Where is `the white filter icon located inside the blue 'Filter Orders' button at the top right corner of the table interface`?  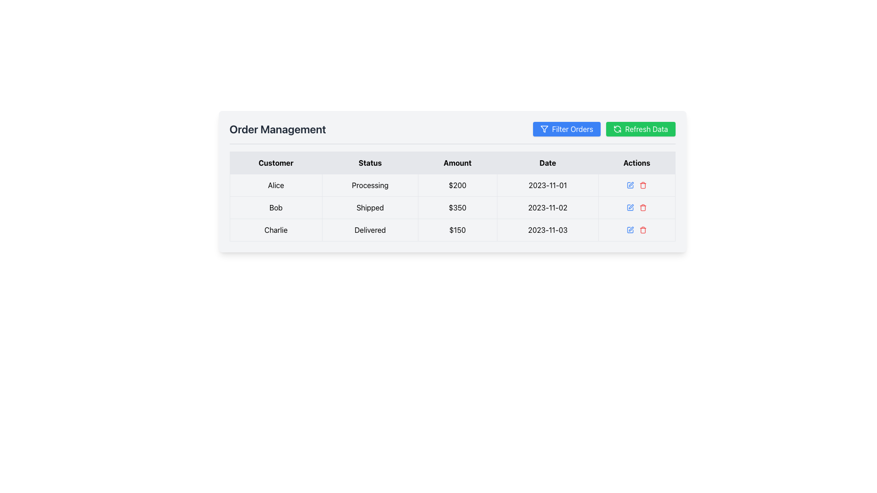 the white filter icon located inside the blue 'Filter Orders' button at the top right corner of the table interface is located at coordinates (544, 129).